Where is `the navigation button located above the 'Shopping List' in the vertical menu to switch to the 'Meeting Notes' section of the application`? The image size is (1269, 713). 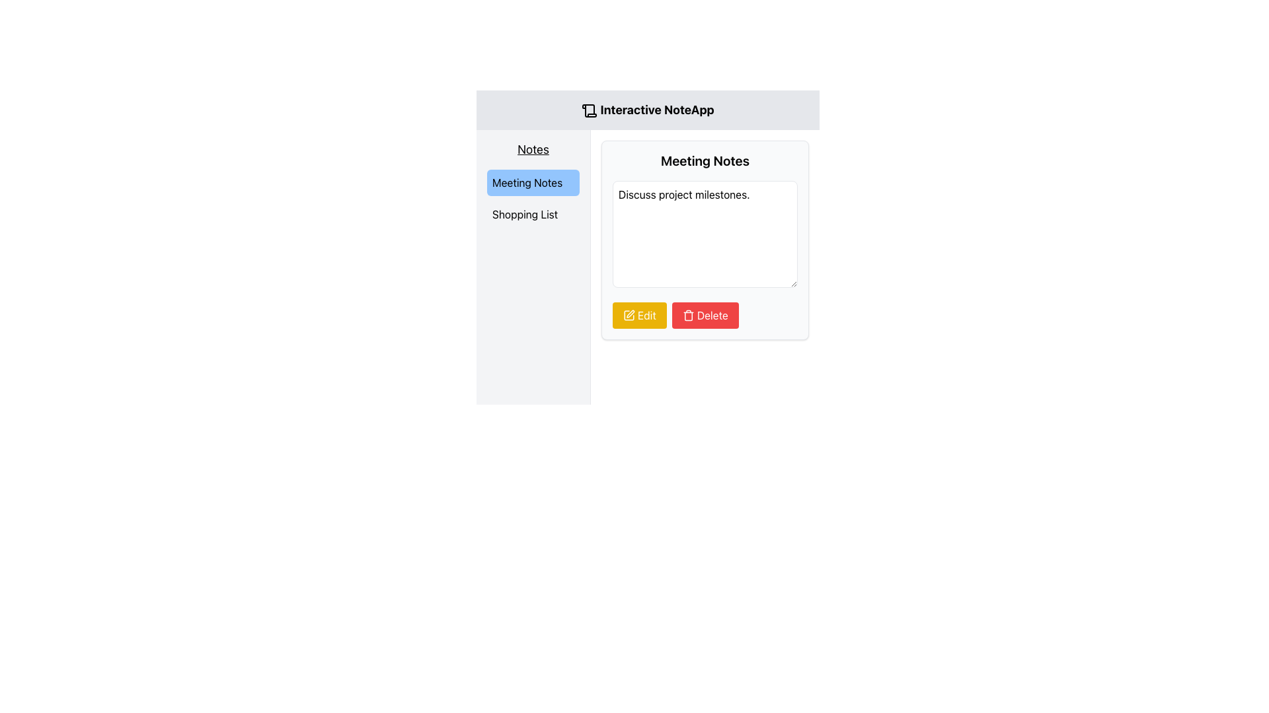
the navigation button located above the 'Shopping List' in the vertical menu to switch to the 'Meeting Notes' section of the application is located at coordinates (533, 183).